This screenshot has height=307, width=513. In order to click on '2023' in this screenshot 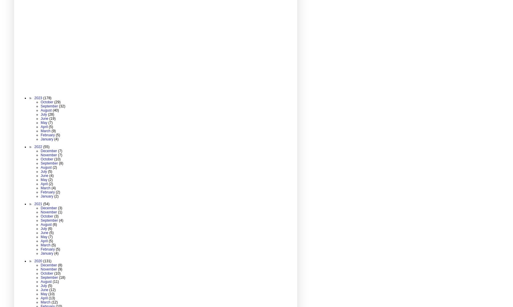, I will do `click(34, 97)`.